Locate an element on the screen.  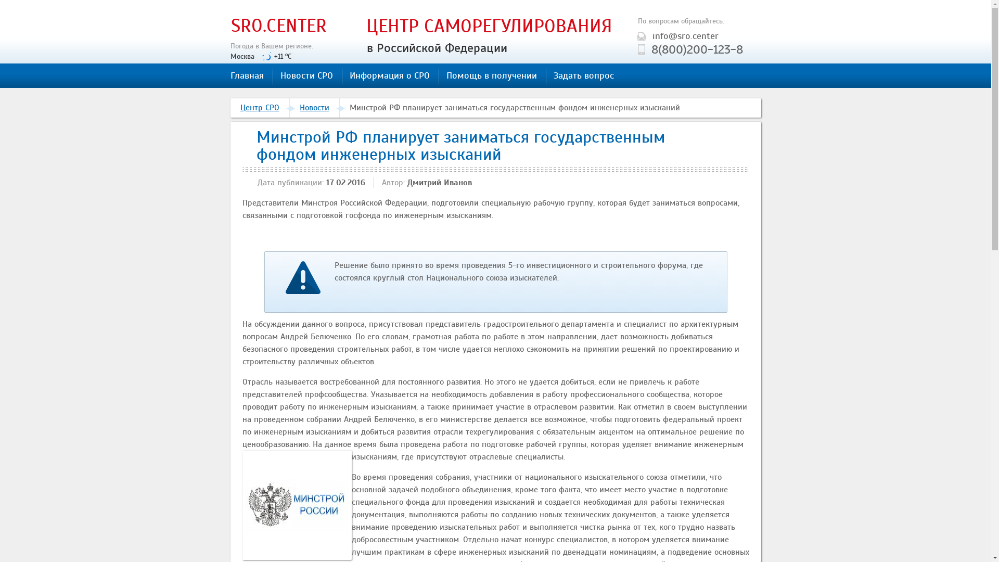
'SRO.CENTER' is located at coordinates (279, 25).